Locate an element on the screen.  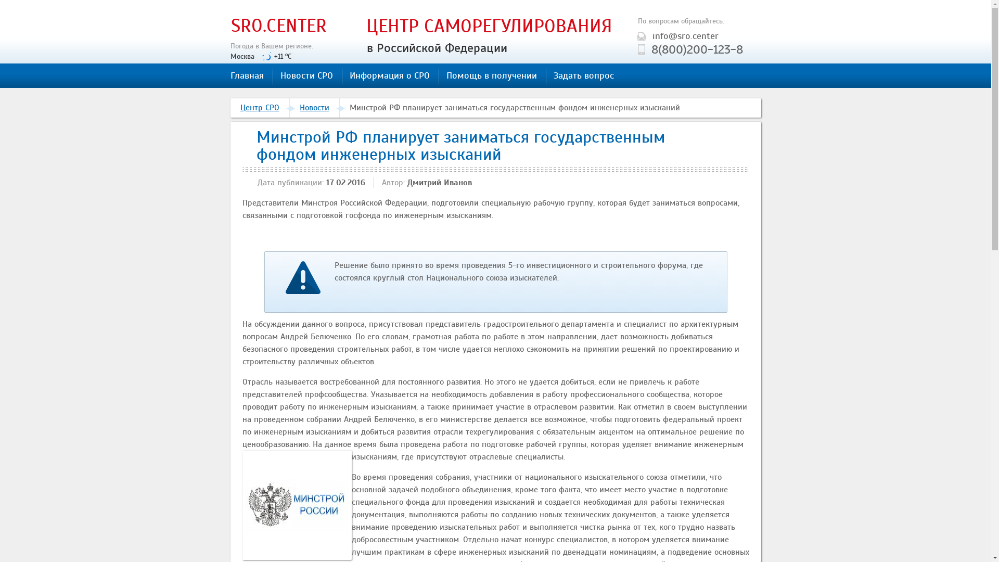
'SRO.CENTER' is located at coordinates (279, 25).